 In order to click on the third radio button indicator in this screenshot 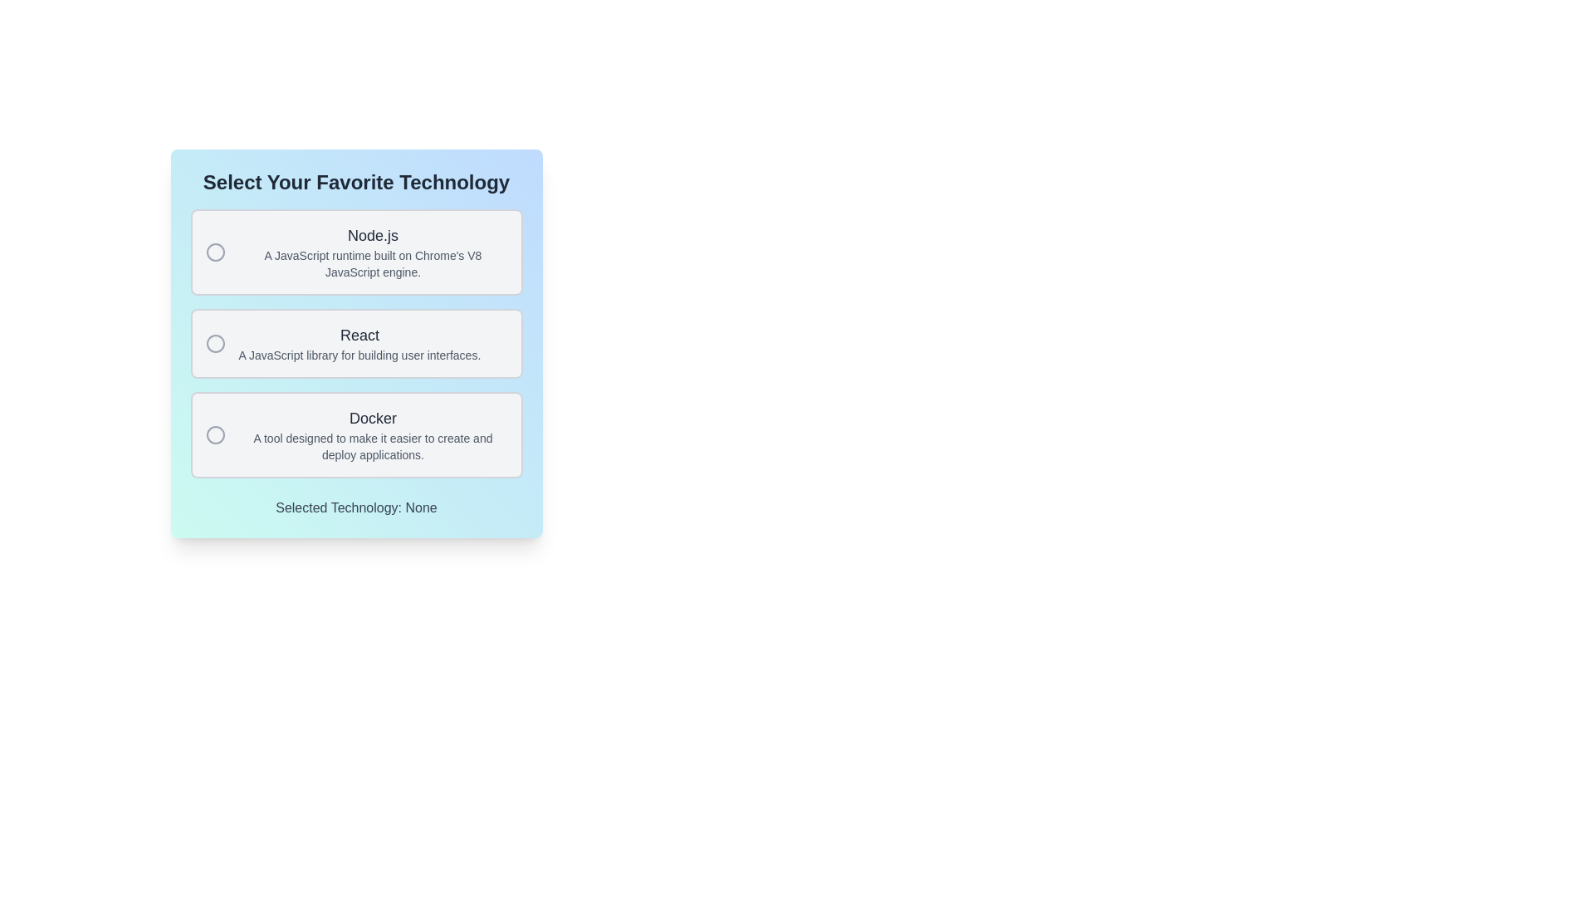, I will do `click(214, 434)`.